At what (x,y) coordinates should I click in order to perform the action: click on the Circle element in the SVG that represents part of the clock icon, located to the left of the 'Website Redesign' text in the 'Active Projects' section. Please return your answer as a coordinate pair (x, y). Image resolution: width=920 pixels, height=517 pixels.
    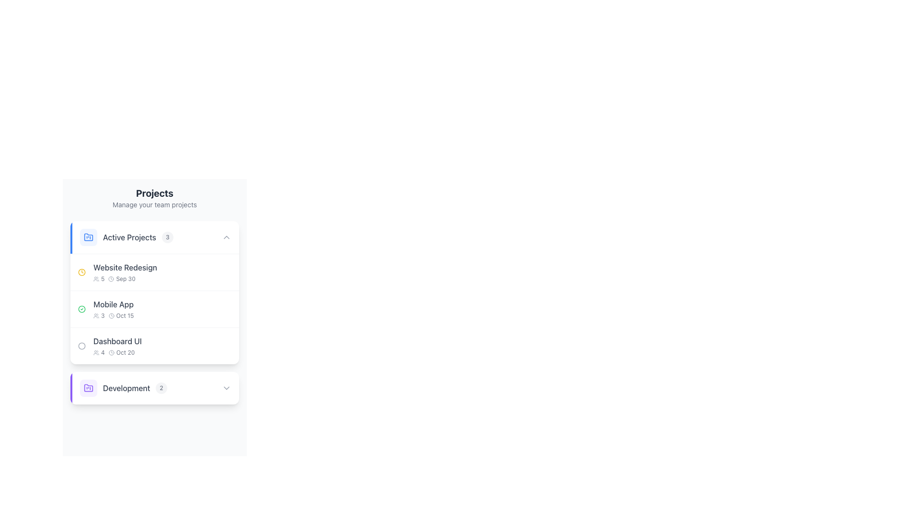
    Looking at the image, I should click on (111, 279).